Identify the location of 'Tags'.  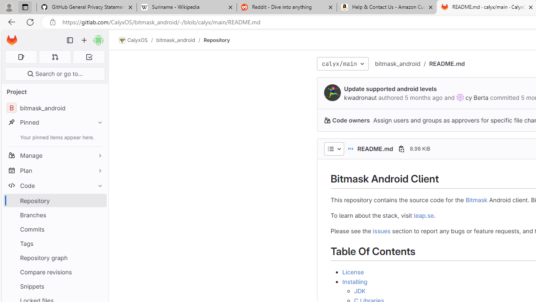
(54, 243).